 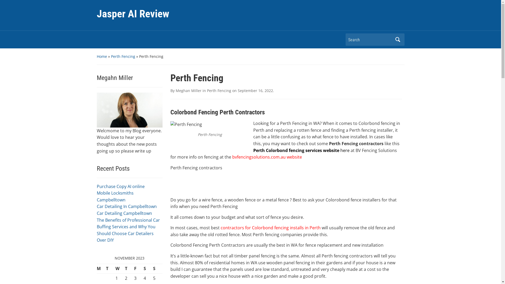 What do you see at coordinates (97, 56) in the screenshot?
I see `'Home'` at bounding box center [97, 56].